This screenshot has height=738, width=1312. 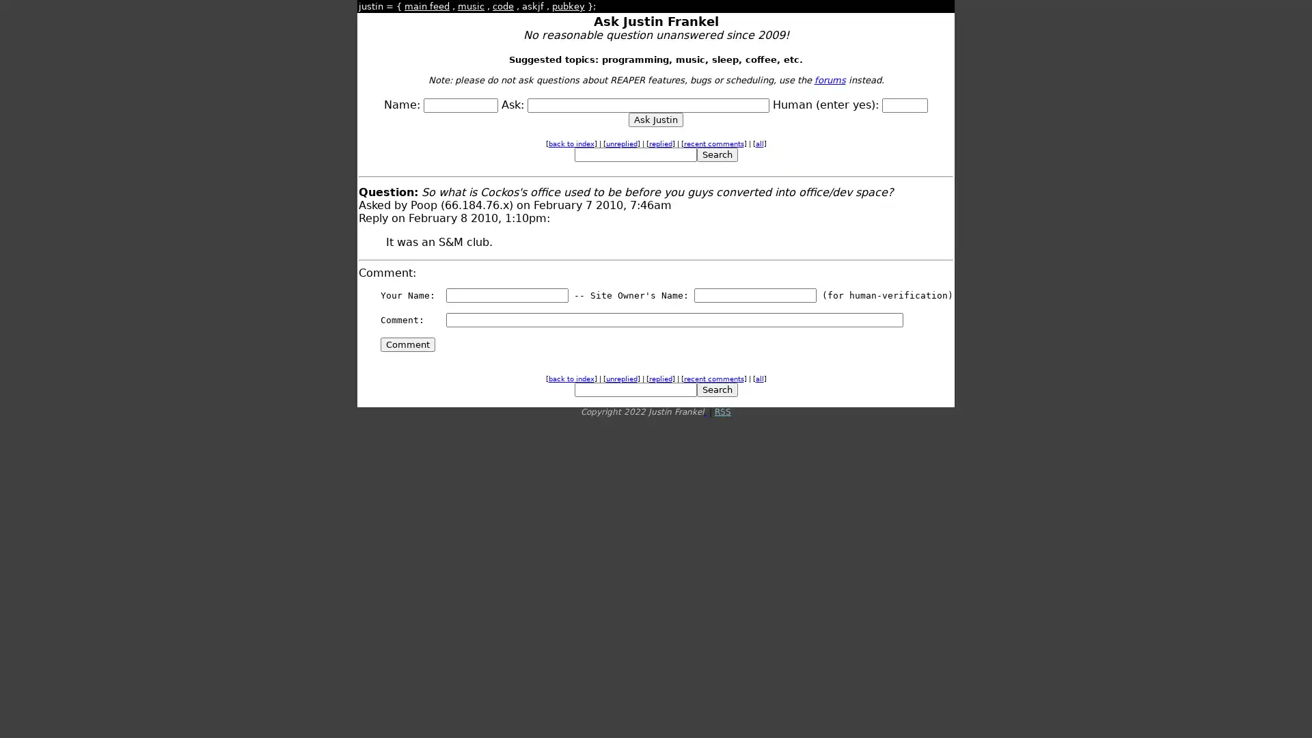 I want to click on Search, so click(x=716, y=389).